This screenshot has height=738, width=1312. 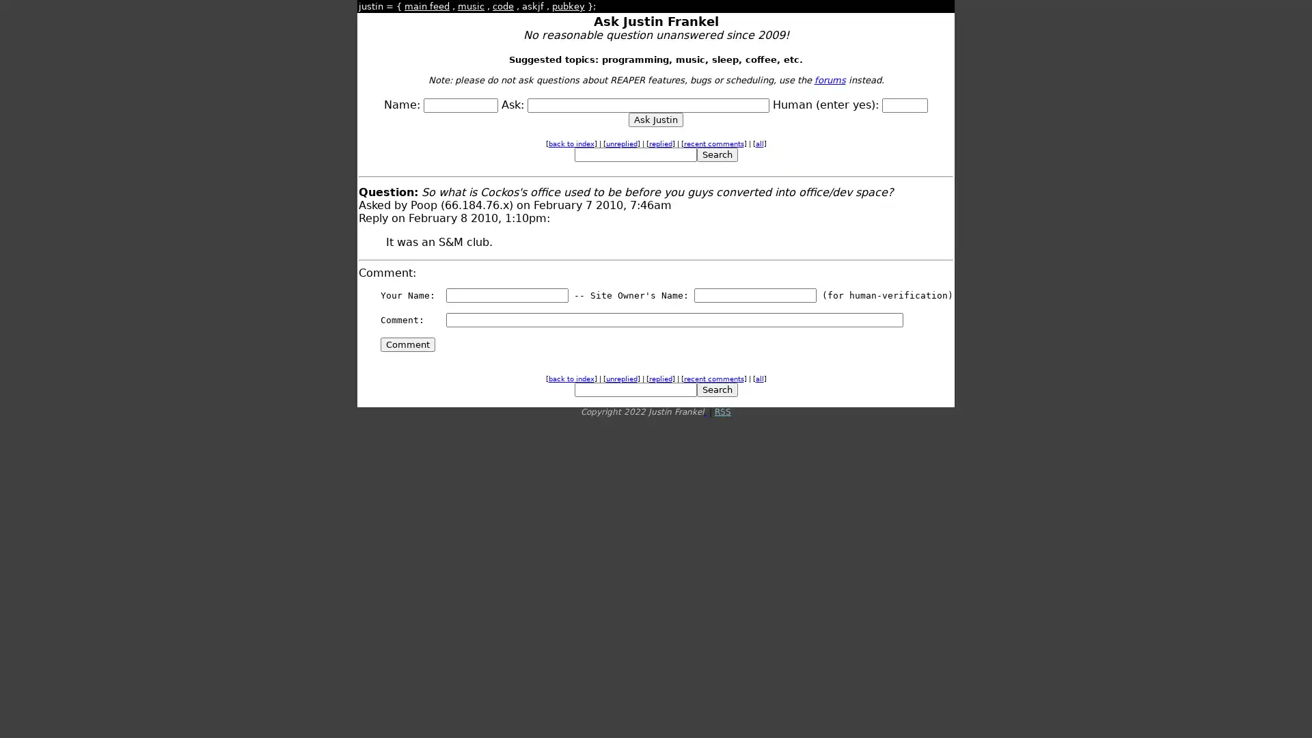 I want to click on Search, so click(x=716, y=389).